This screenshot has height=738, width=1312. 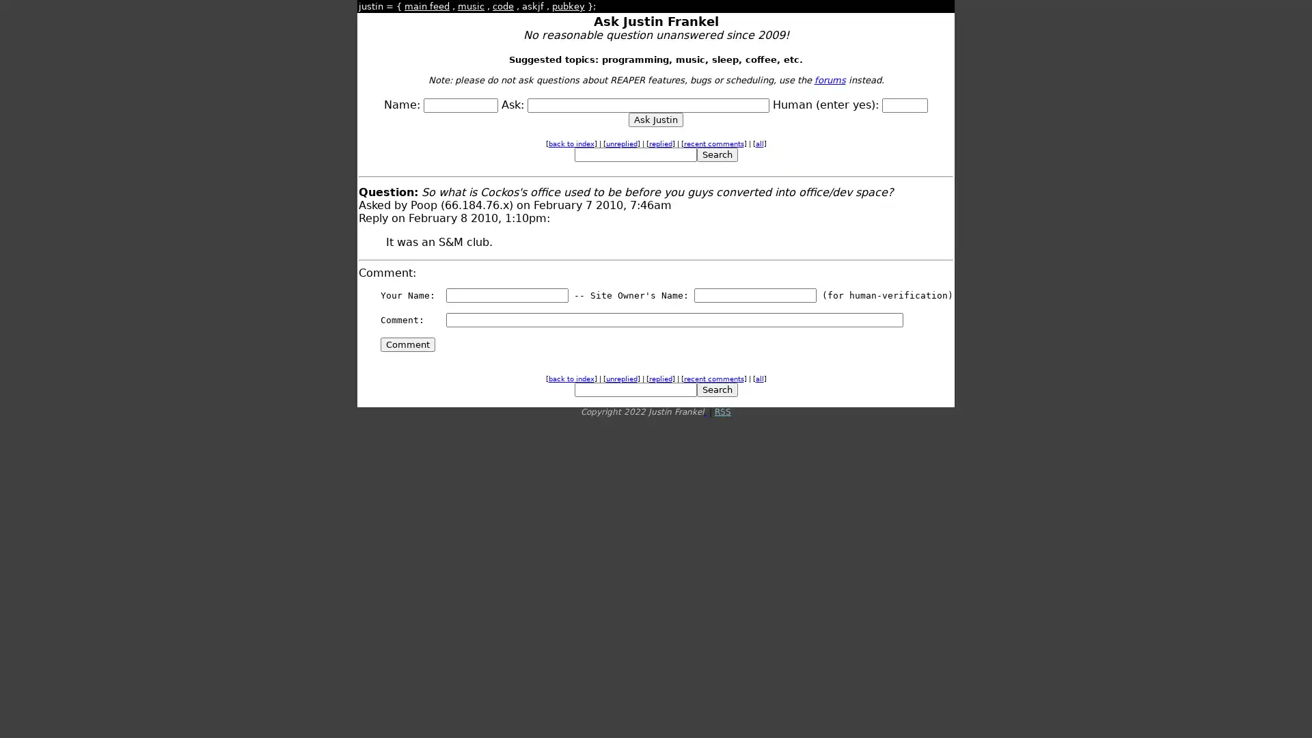 I want to click on Search, so click(x=716, y=389).